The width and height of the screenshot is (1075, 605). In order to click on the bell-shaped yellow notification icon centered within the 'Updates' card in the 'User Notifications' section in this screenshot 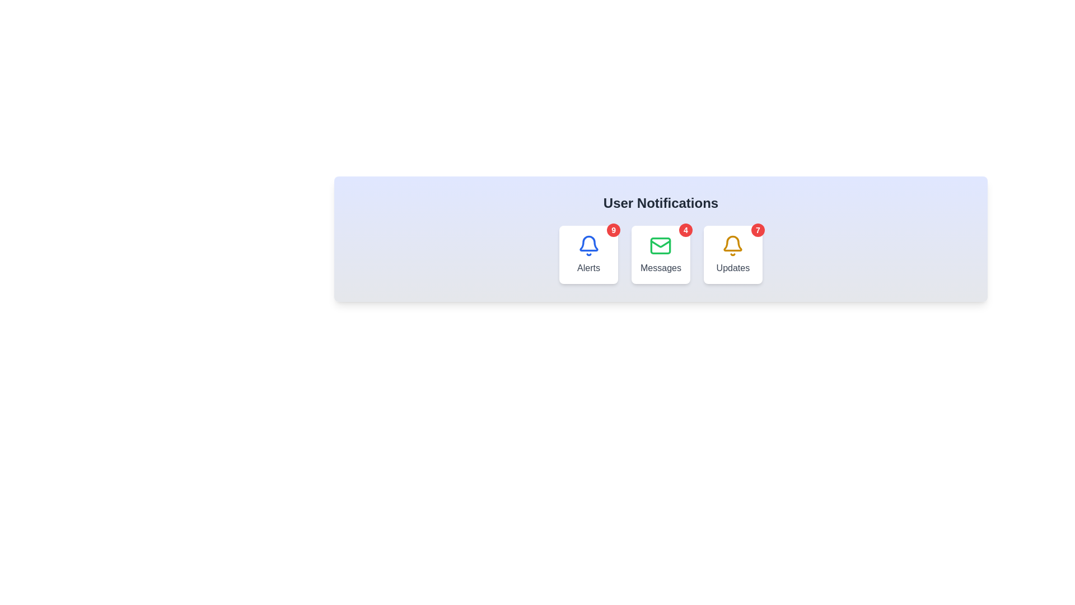, I will do `click(733, 245)`.